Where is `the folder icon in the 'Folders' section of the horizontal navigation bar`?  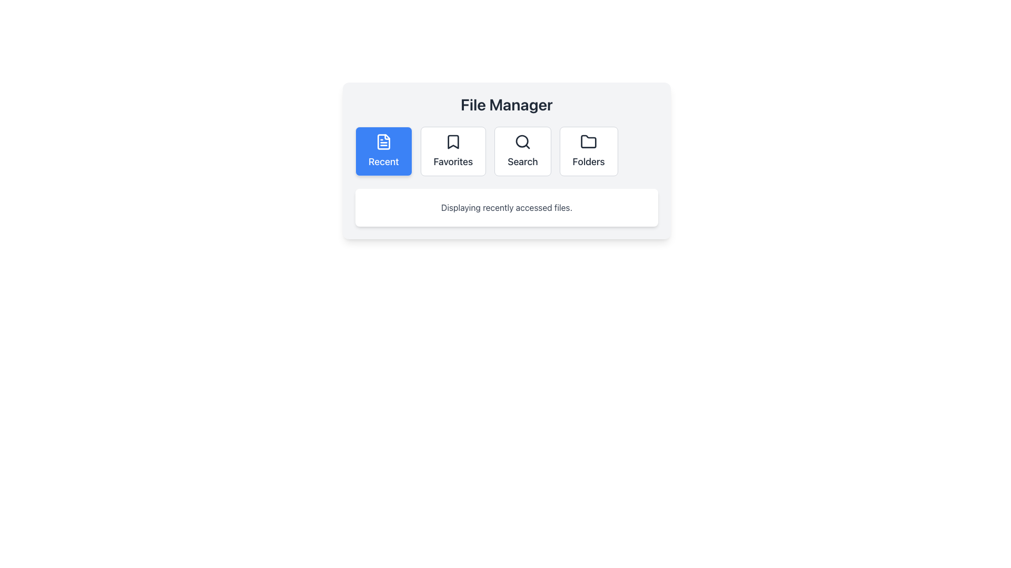 the folder icon in the 'Folders' section of the horizontal navigation bar is located at coordinates (588, 141).